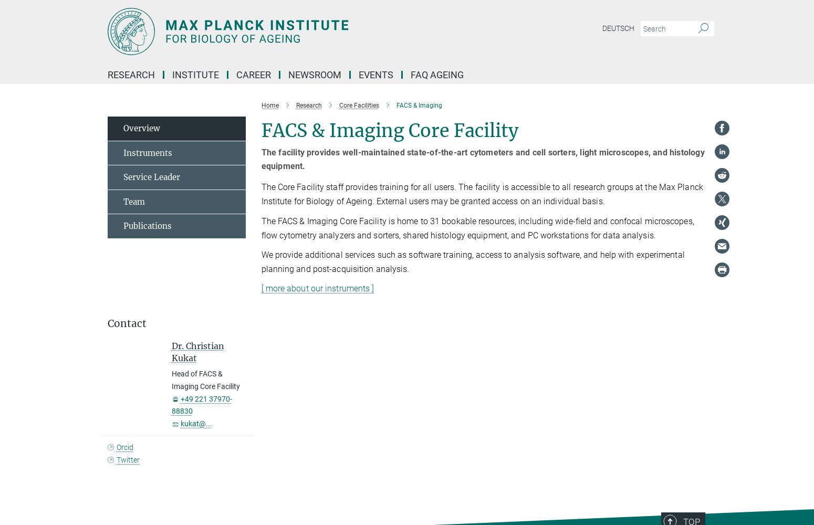  What do you see at coordinates (322, 278) in the screenshot?
I see `'Pernas'` at bounding box center [322, 278].